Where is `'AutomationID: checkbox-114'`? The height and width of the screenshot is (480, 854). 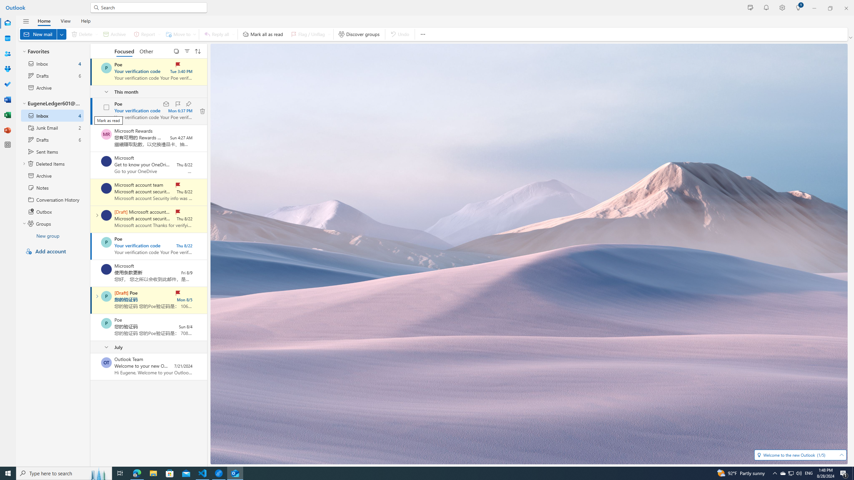 'AutomationID: checkbox-114' is located at coordinates (106, 107).